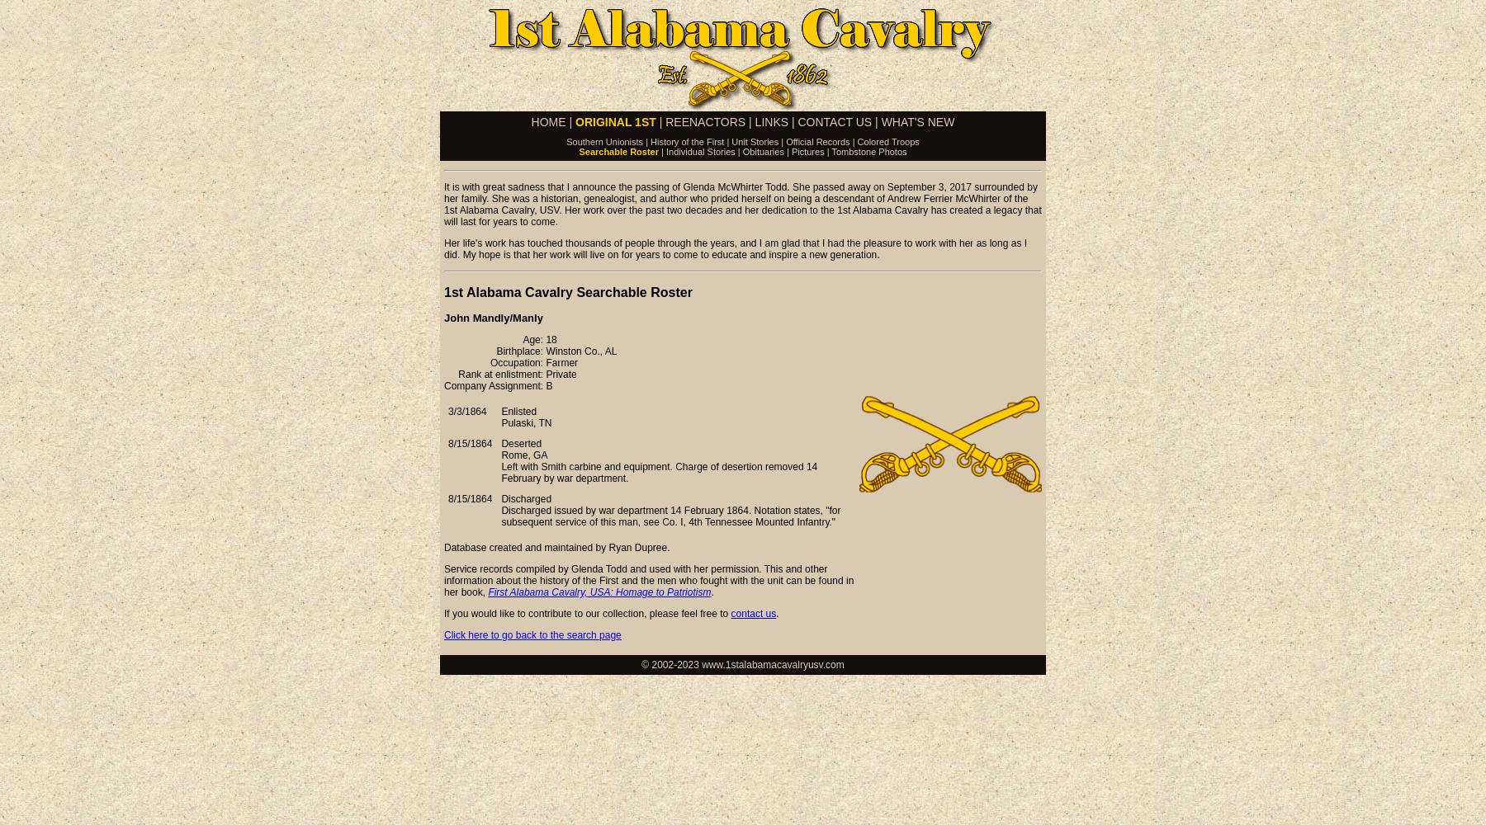 Image resolution: width=1486 pixels, height=825 pixels. Describe the element at coordinates (532, 635) in the screenshot. I see `'Click here to go back to the search page'` at that location.